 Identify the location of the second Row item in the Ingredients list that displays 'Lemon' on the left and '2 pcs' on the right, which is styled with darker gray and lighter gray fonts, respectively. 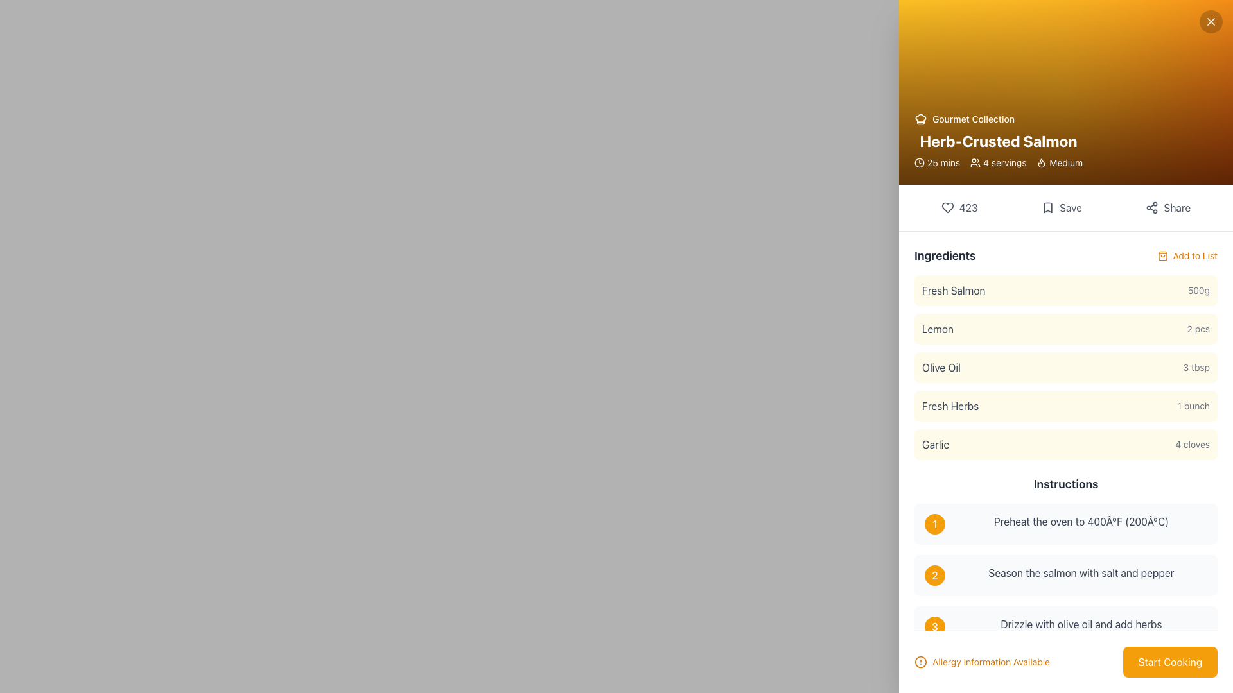
(1066, 329).